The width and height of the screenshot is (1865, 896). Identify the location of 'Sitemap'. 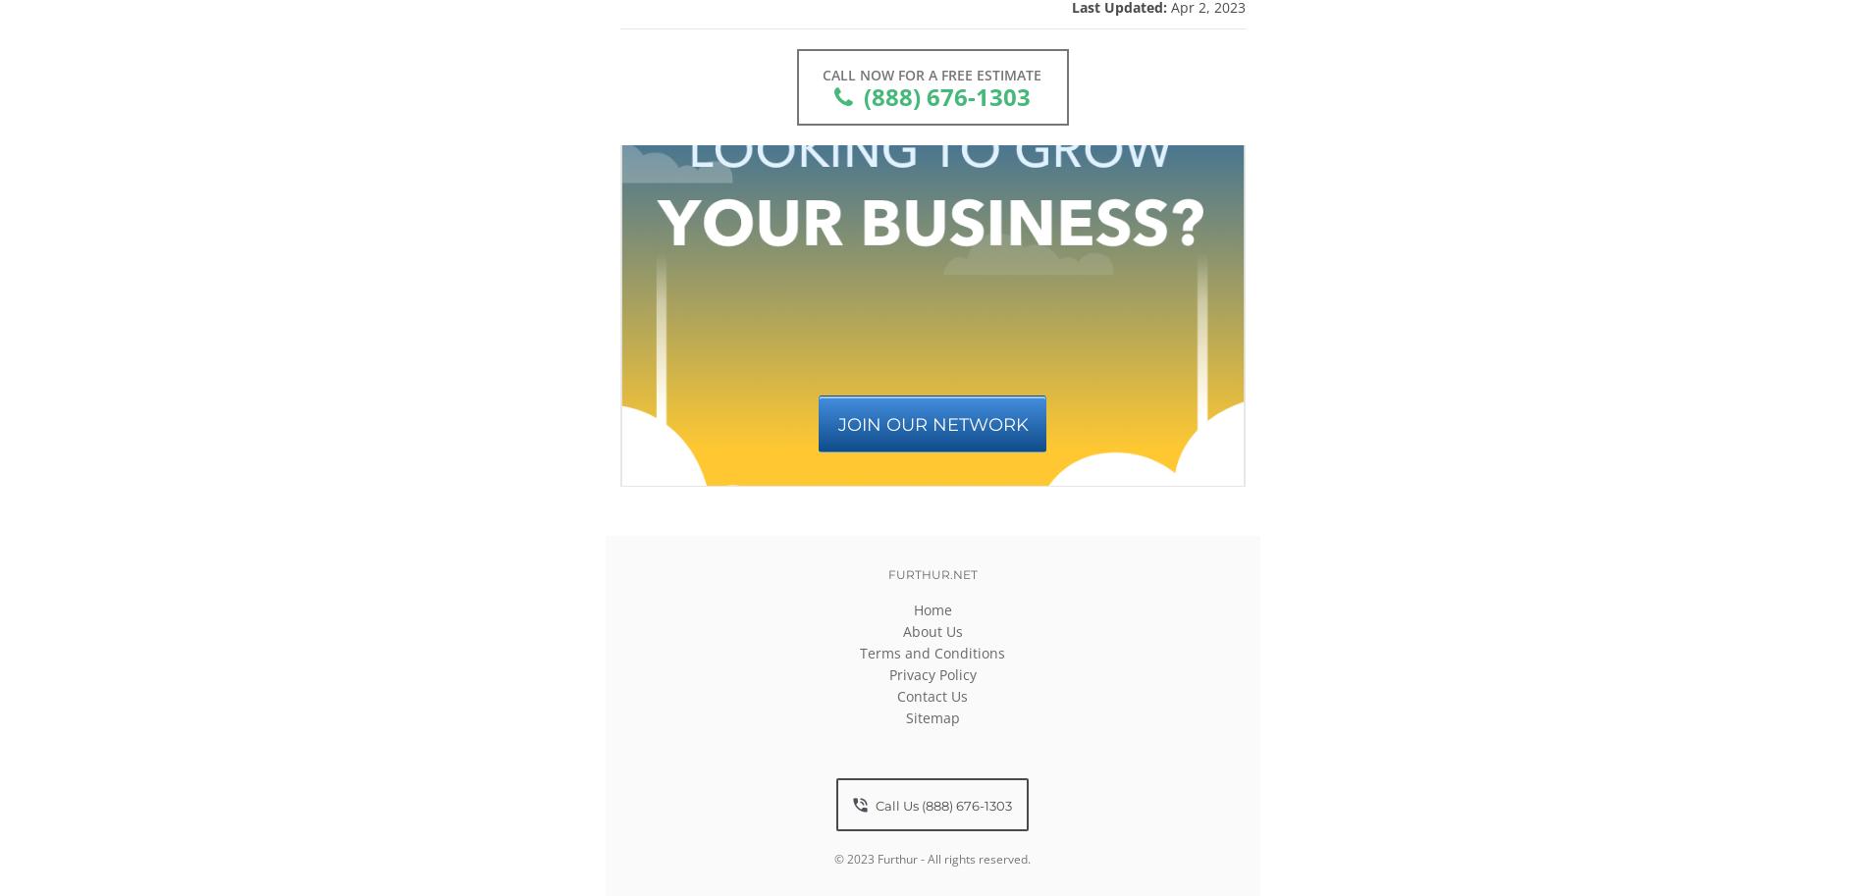
(904, 716).